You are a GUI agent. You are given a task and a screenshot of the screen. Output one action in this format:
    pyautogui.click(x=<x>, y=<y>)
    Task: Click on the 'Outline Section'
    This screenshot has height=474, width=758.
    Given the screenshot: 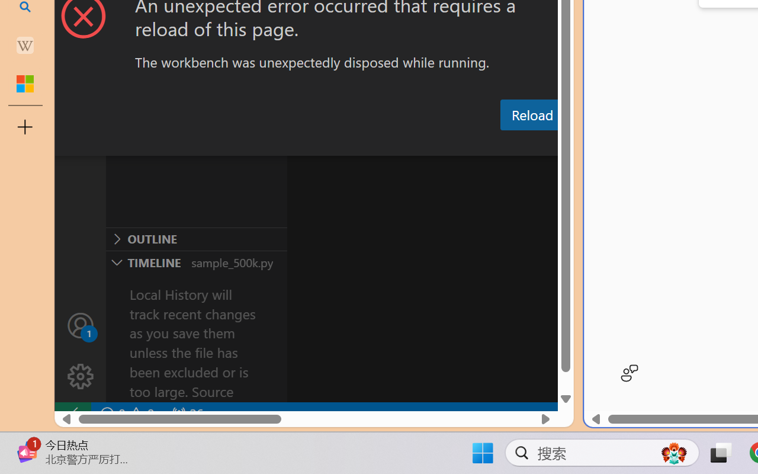 What is the action you would take?
    pyautogui.click(x=196, y=239)
    